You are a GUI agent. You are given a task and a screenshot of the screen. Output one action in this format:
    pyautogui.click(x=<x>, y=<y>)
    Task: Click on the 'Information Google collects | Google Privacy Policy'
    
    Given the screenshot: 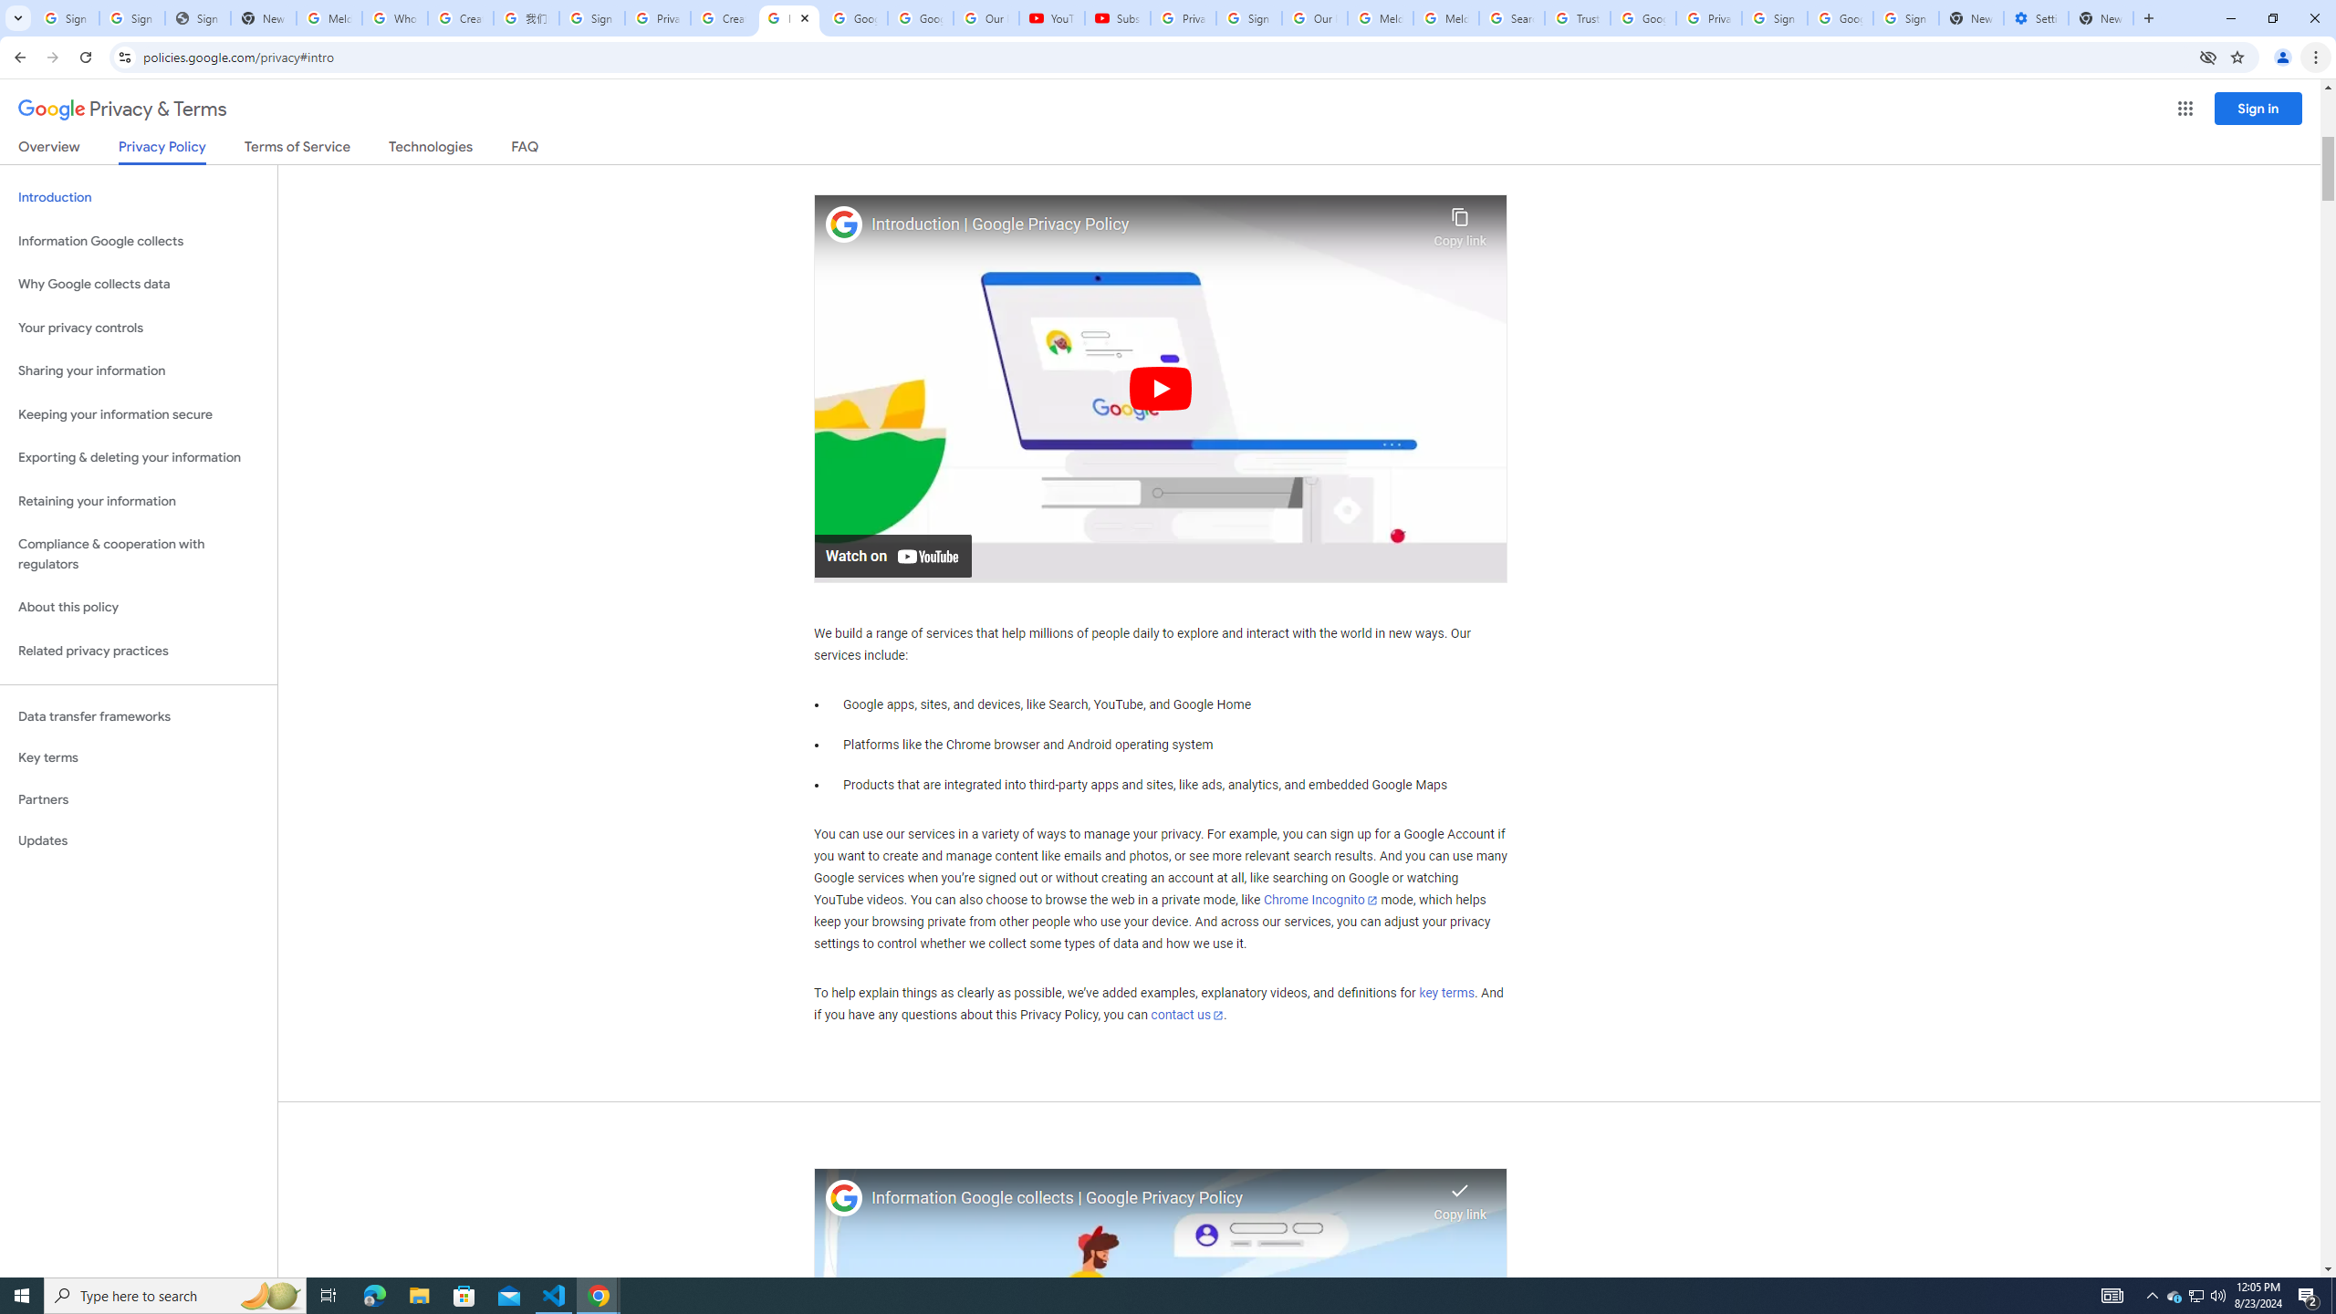 What is the action you would take?
    pyautogui.click(x=1147, y=1198)
    